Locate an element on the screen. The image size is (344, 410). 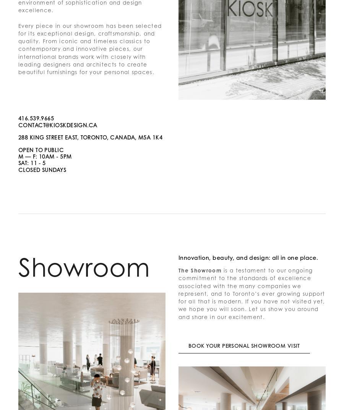
'OPEN TO PUBLIC' is located at coordinates (41, 149).